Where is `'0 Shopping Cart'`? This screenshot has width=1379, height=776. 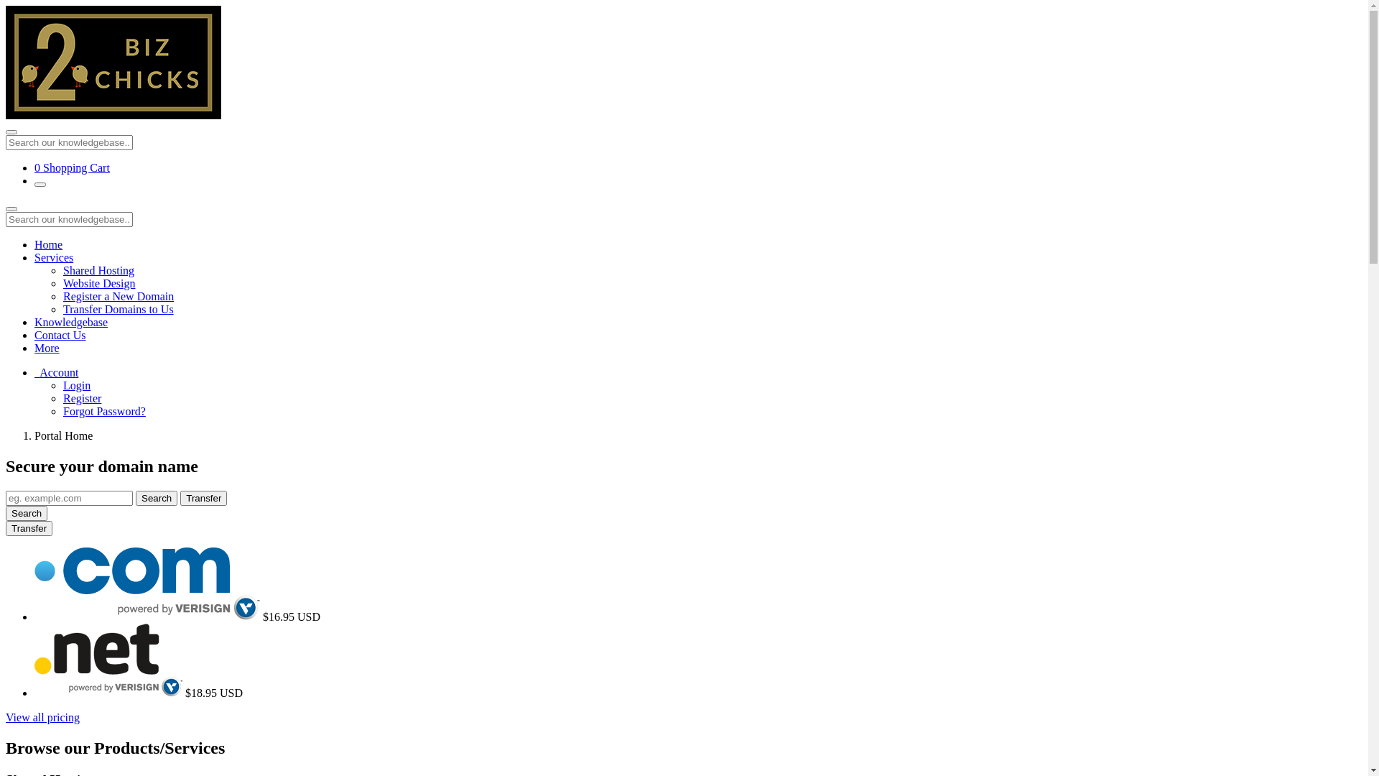
'0 Shopping Cart' is located at coordinates (71, 167).